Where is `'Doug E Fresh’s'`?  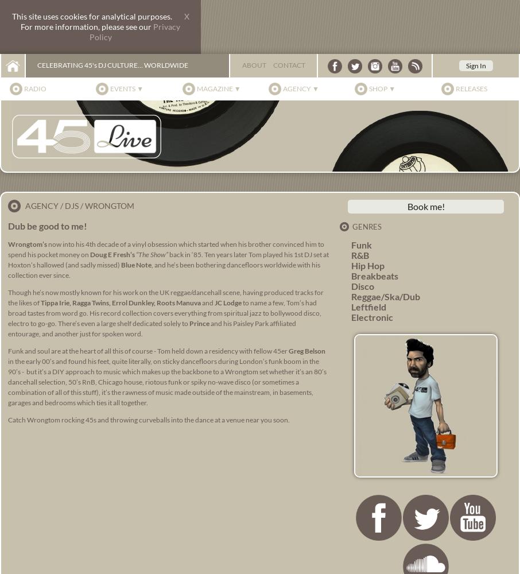 'Doug E Fresh’s' is located at coordinates (111, 254).